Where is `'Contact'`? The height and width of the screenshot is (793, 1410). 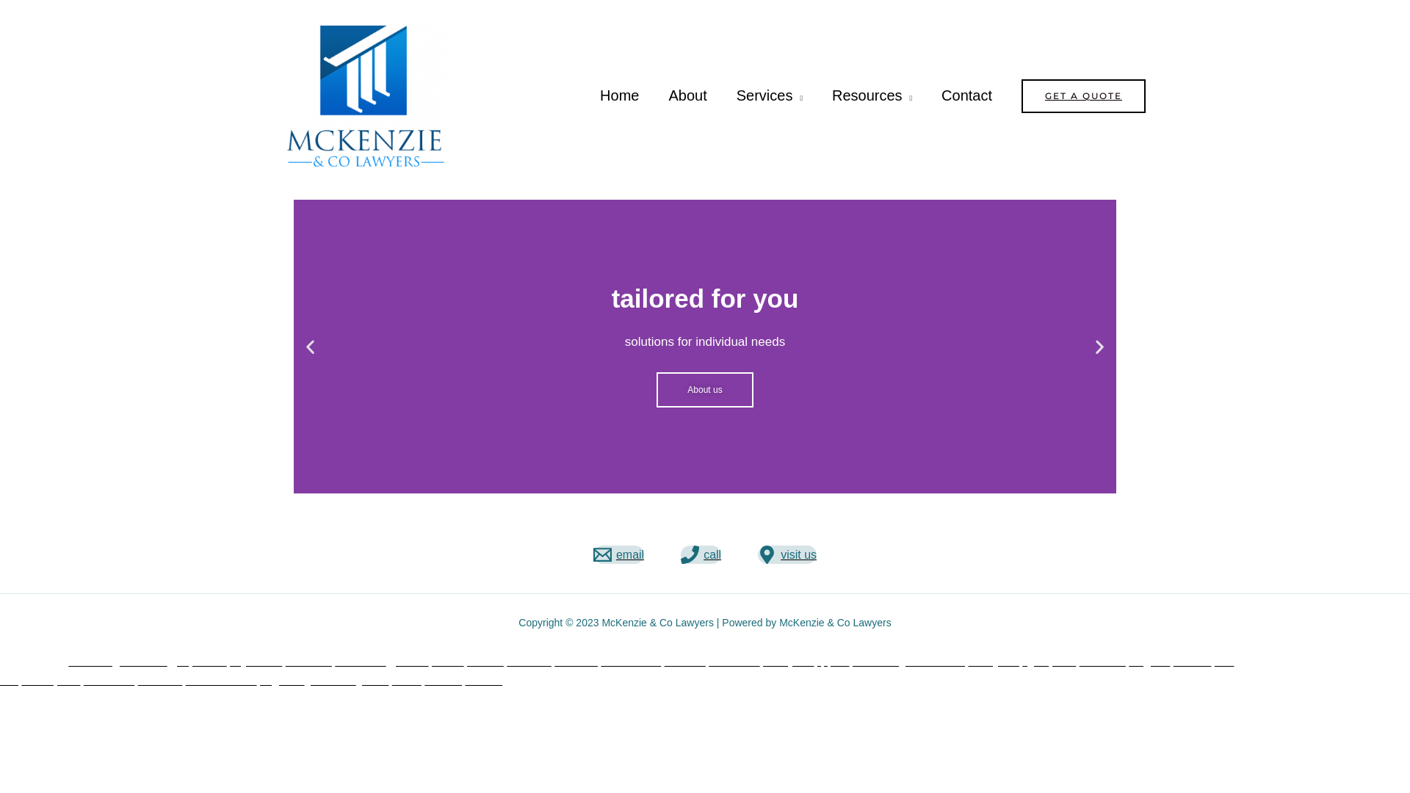 'Contact' is located at coordinates (926, 95).